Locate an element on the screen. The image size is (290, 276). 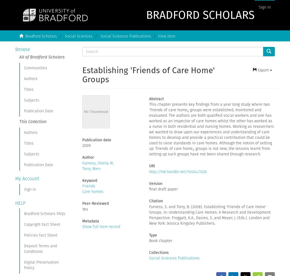
'Peer-Reviewed' is located at coordinates (95, 203).